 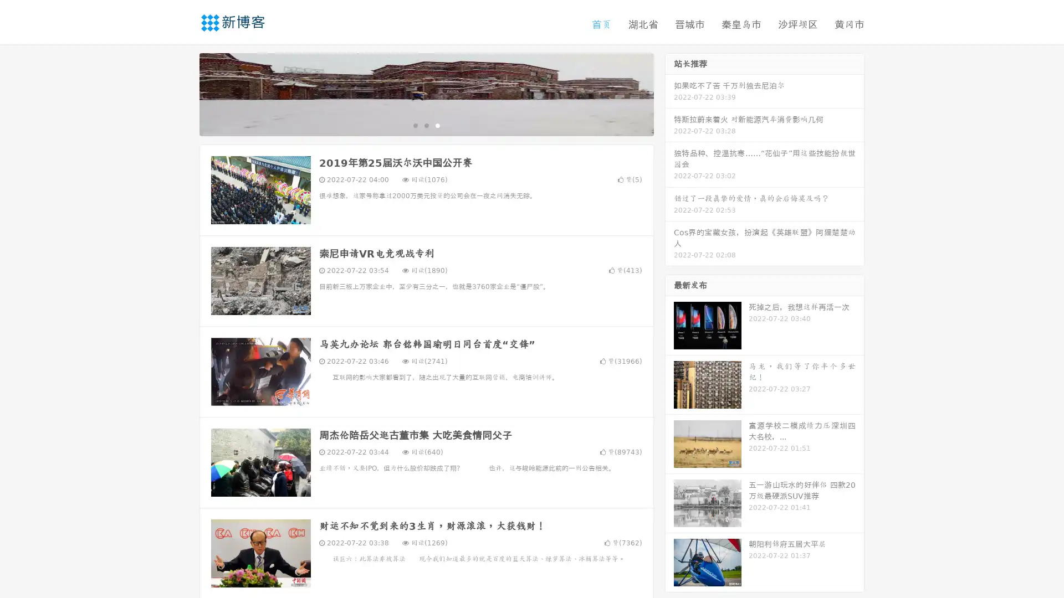 What do you see at coordinates (426, 125) in the screenshot?
I see `Go to slide 2` at bounding box center [426, 125].